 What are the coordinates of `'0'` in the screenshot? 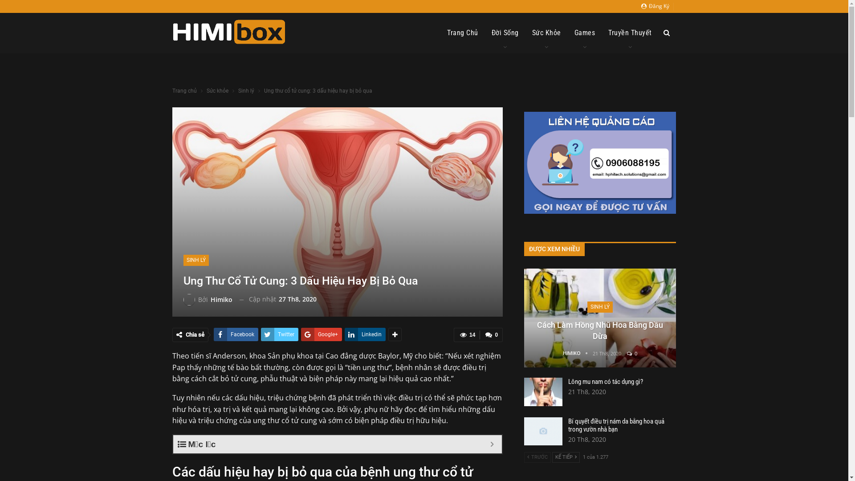 It's located at (479, 335).